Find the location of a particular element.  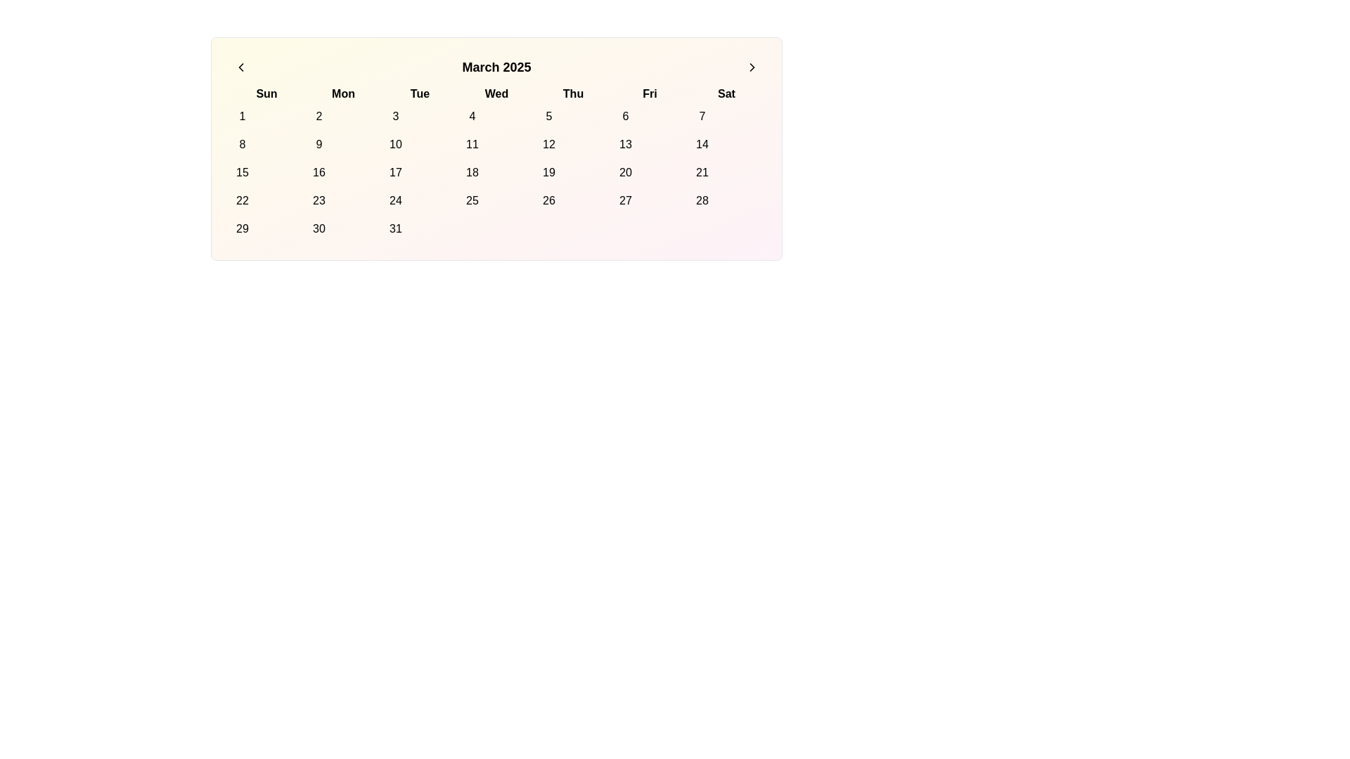

the bold static text label displaying 'Mon' in the calendar grid, which is positioned between 'Sun' and 'Tue' is located at coordinates (343, 94).